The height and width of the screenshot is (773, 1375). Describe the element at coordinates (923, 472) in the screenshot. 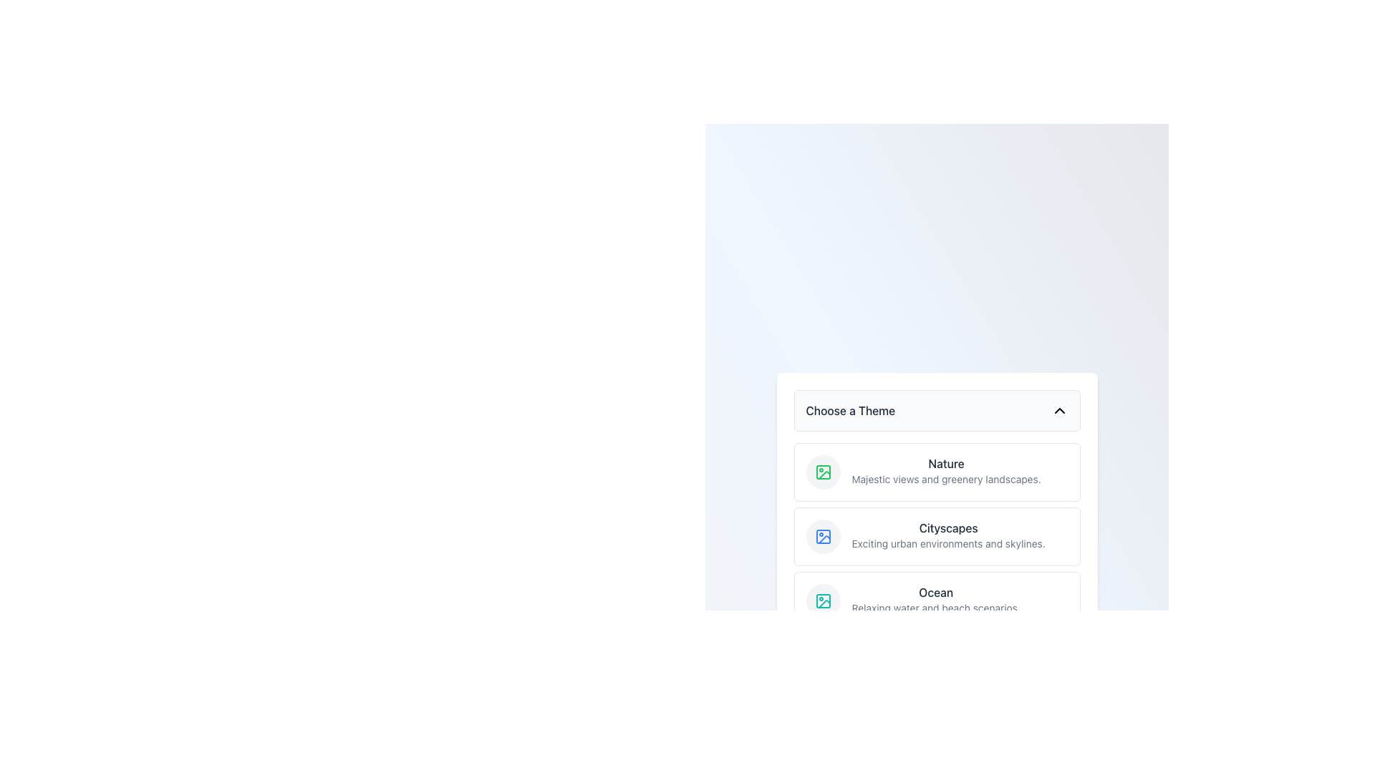

I see `the 'Nature' theme list item` at that location.